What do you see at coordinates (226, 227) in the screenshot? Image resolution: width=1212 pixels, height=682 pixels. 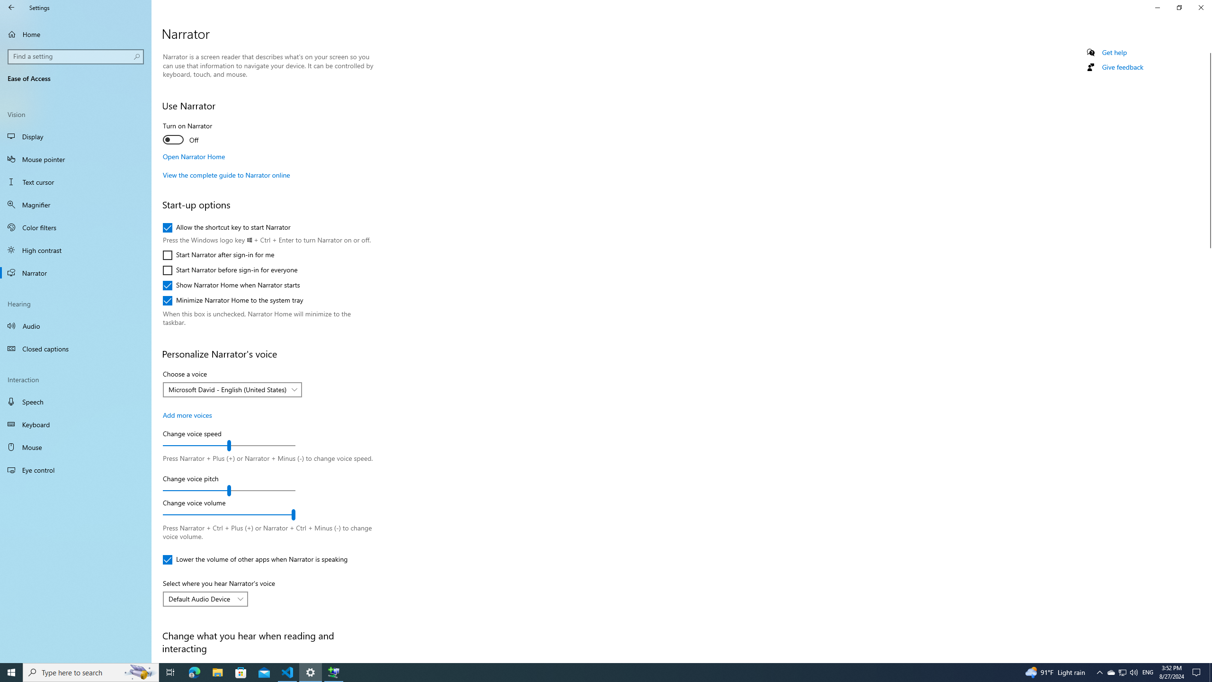 I see `'Allow the shortcut key to start Narrator'` at bounding box center [226, 227].